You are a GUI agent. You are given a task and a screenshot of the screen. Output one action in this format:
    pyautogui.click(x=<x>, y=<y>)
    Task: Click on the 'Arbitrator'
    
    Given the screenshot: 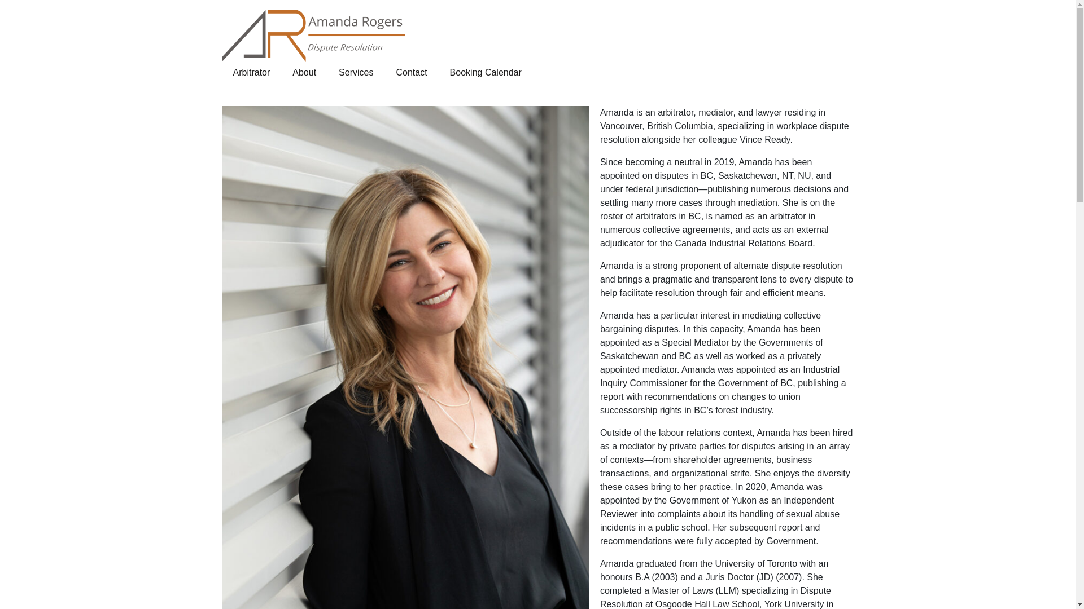 What is the action you would take?
    pyautogui.click(x=251, y=72)
    